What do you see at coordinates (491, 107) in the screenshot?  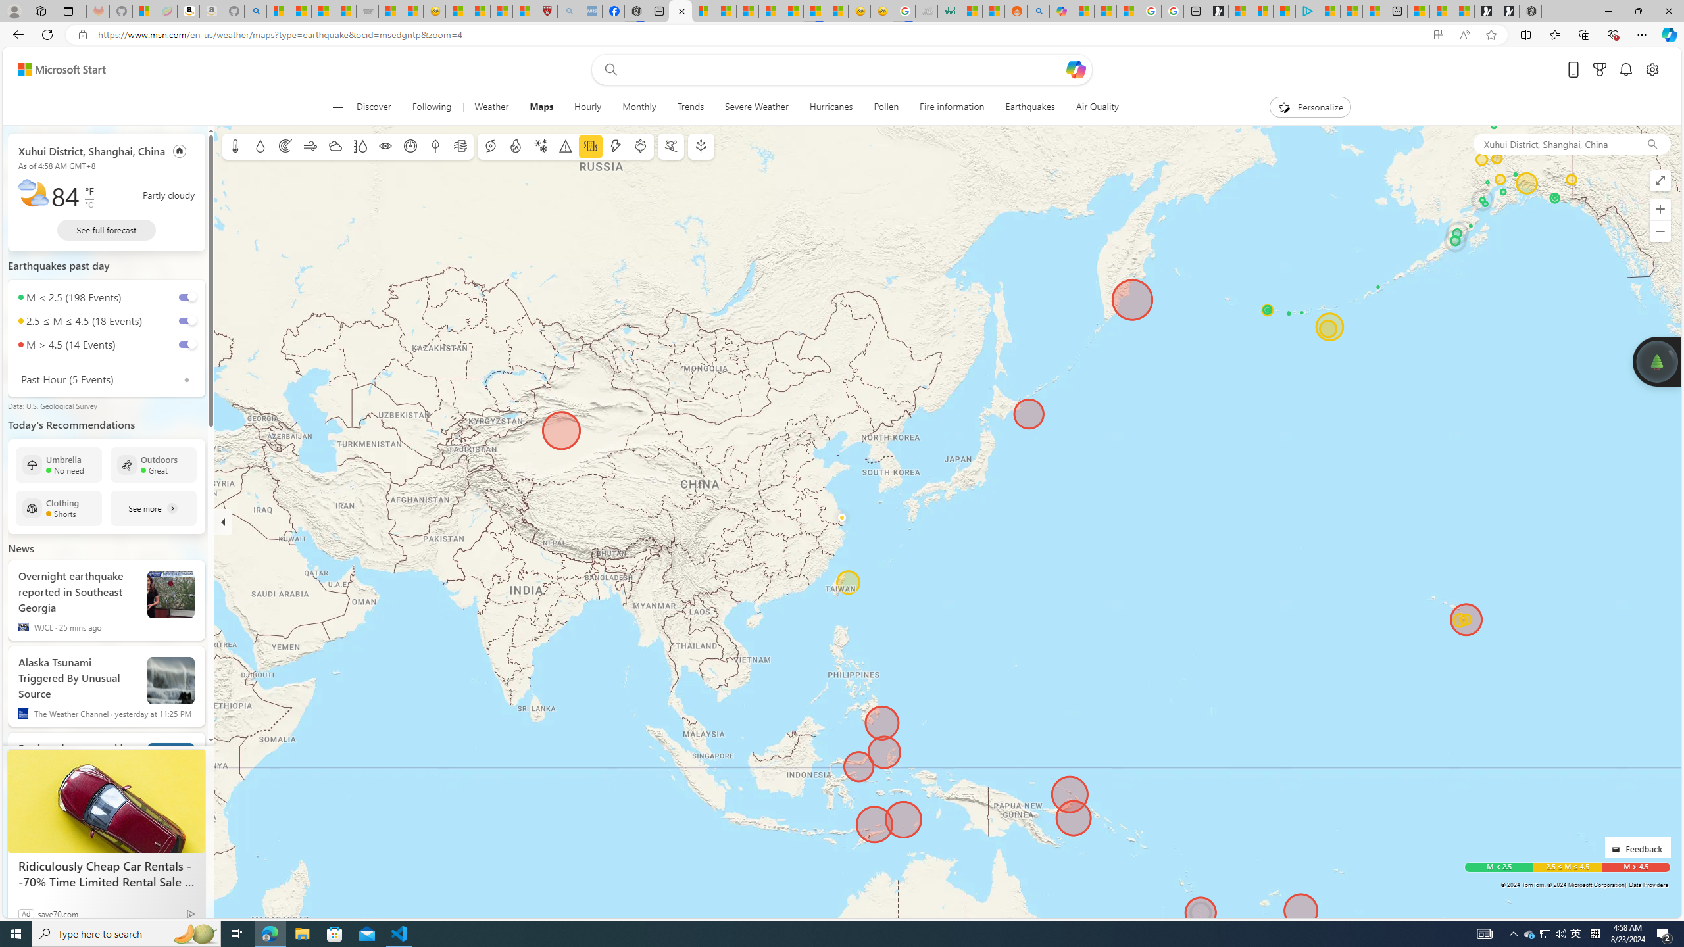 I see `'Weather'` at bounding box center [491, 107].